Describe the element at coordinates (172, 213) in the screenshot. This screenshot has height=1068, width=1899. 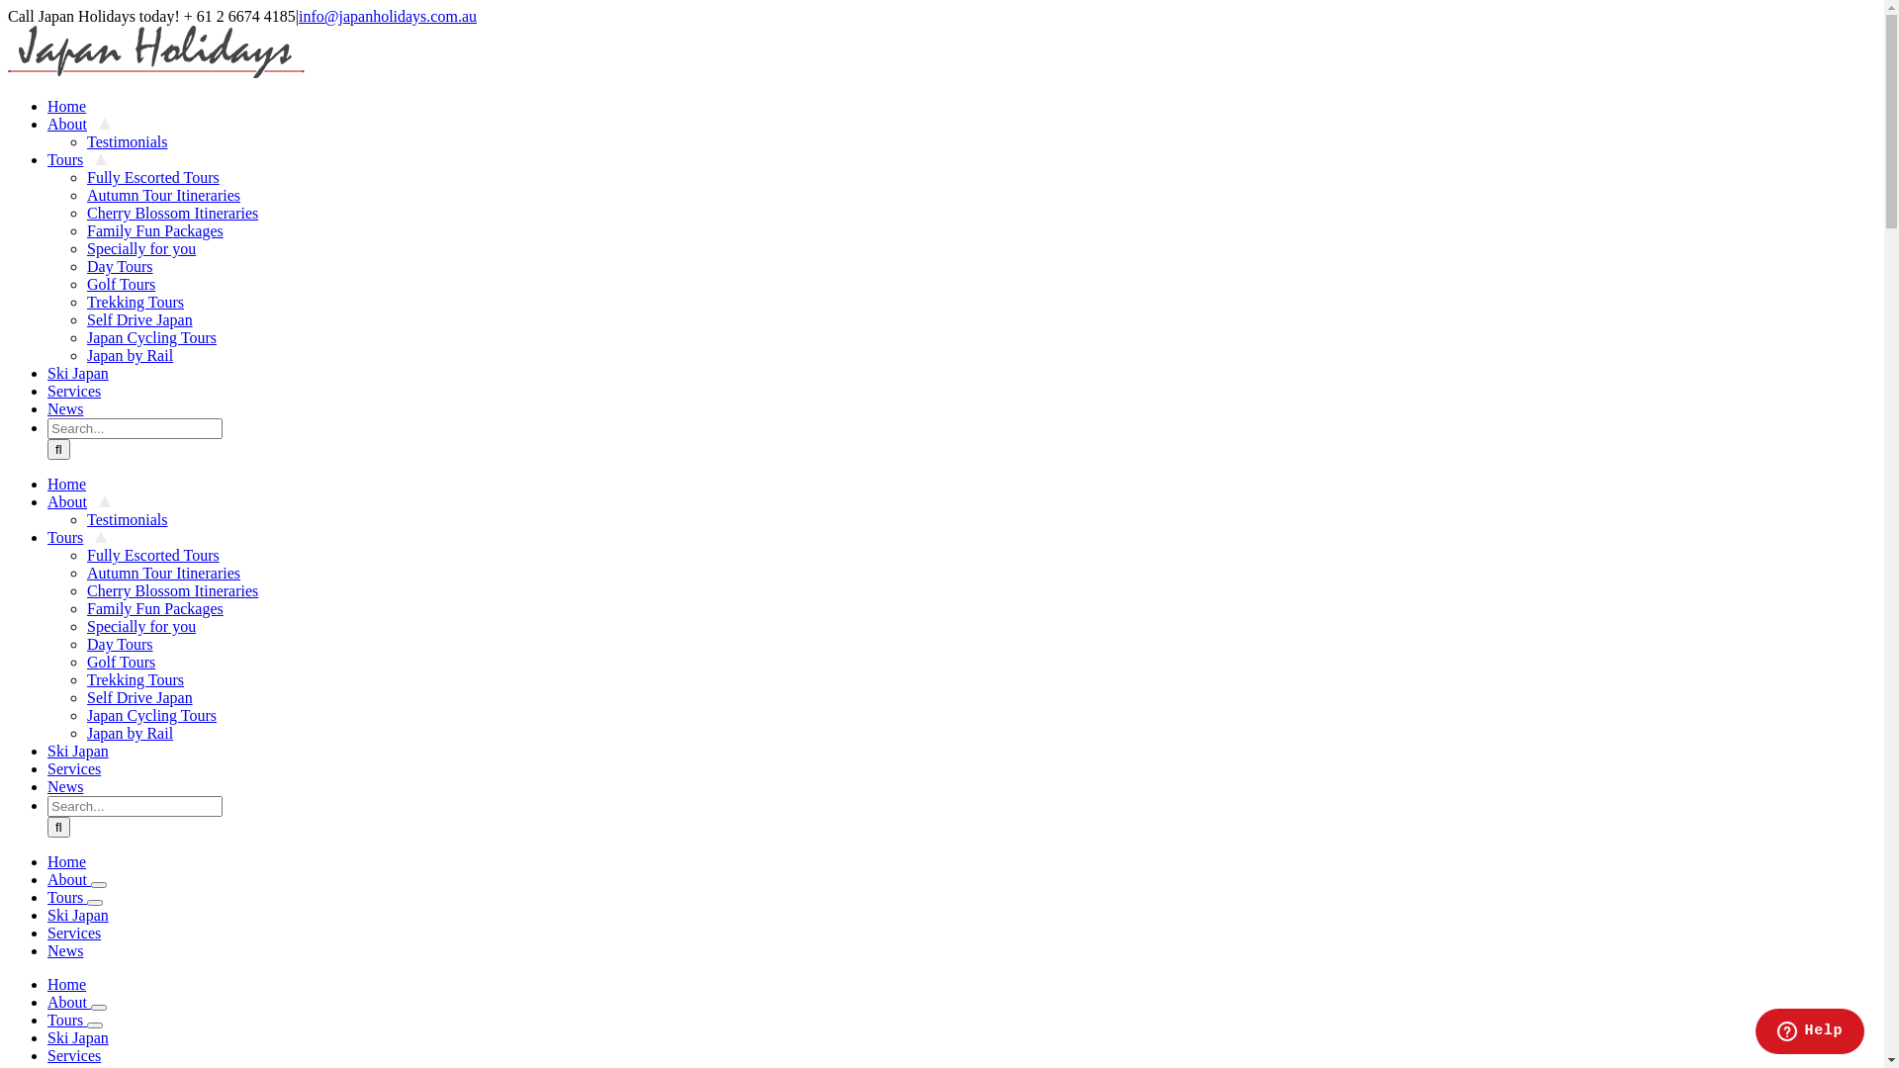
I see `'Cherry Blossom Itineraries'` at that location.